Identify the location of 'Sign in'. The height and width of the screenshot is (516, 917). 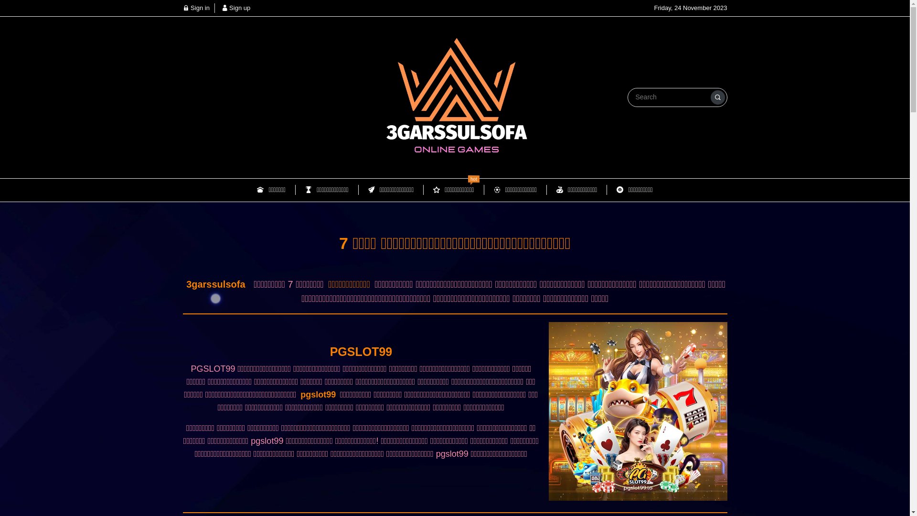
(195, 8).